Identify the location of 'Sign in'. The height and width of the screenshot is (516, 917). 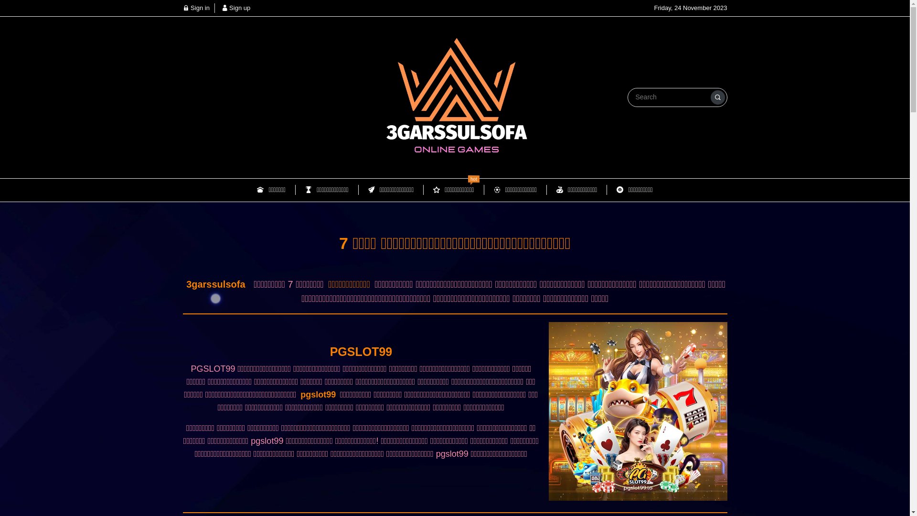
(195, 8).